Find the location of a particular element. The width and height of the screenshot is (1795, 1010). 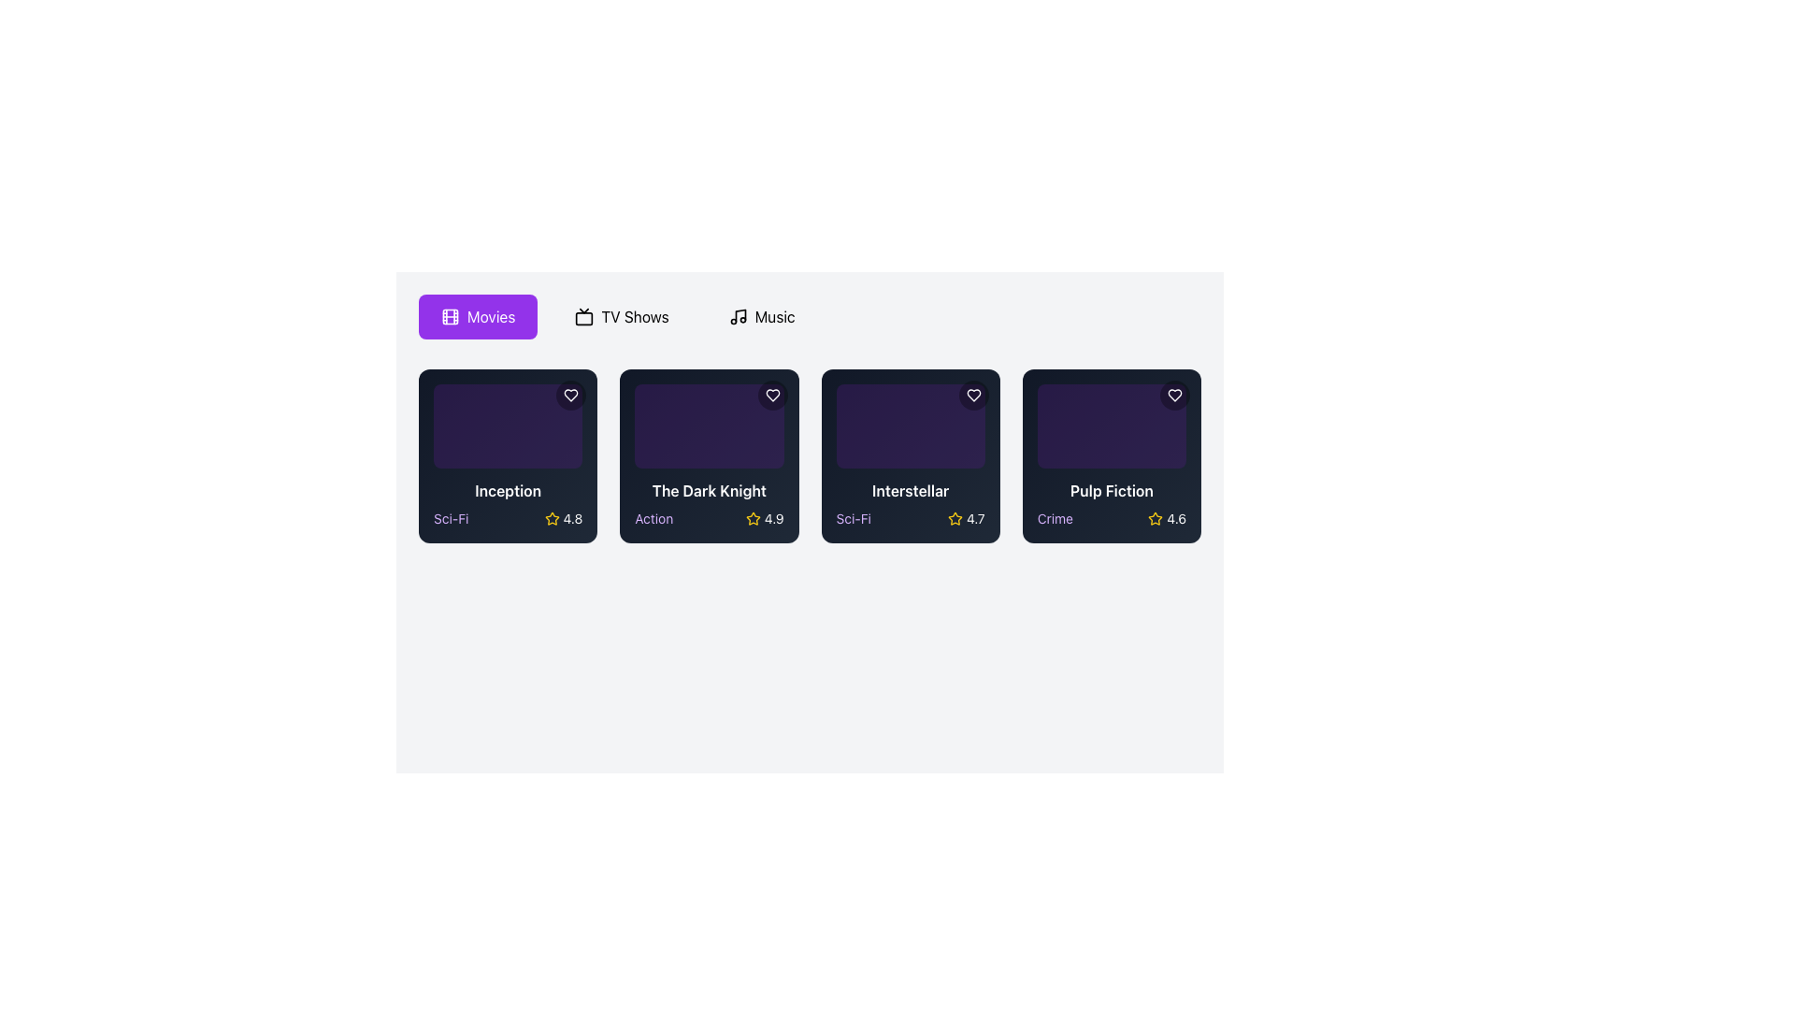

displayed rating value '4.9' from the numeric text label adjacent to the yellow star icon in the movie card labeled 'The Dark Knight' is located at coordinates (774, 518).